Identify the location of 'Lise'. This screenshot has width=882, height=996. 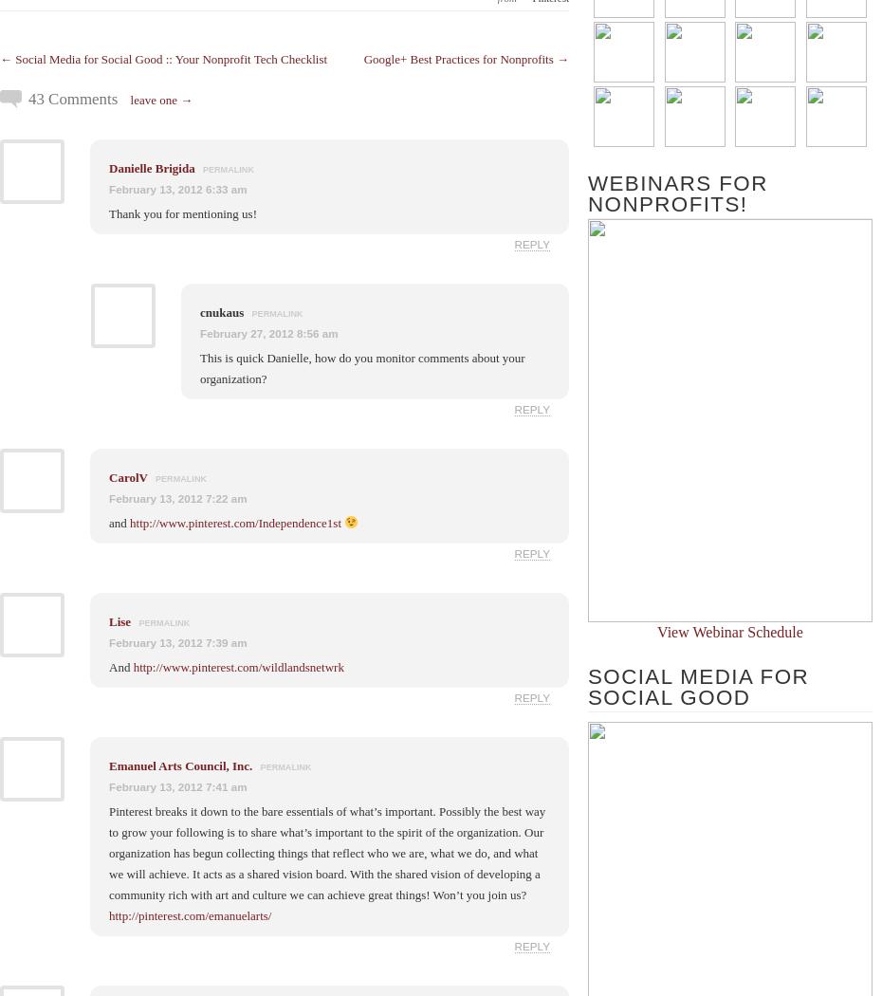
(119, 619).